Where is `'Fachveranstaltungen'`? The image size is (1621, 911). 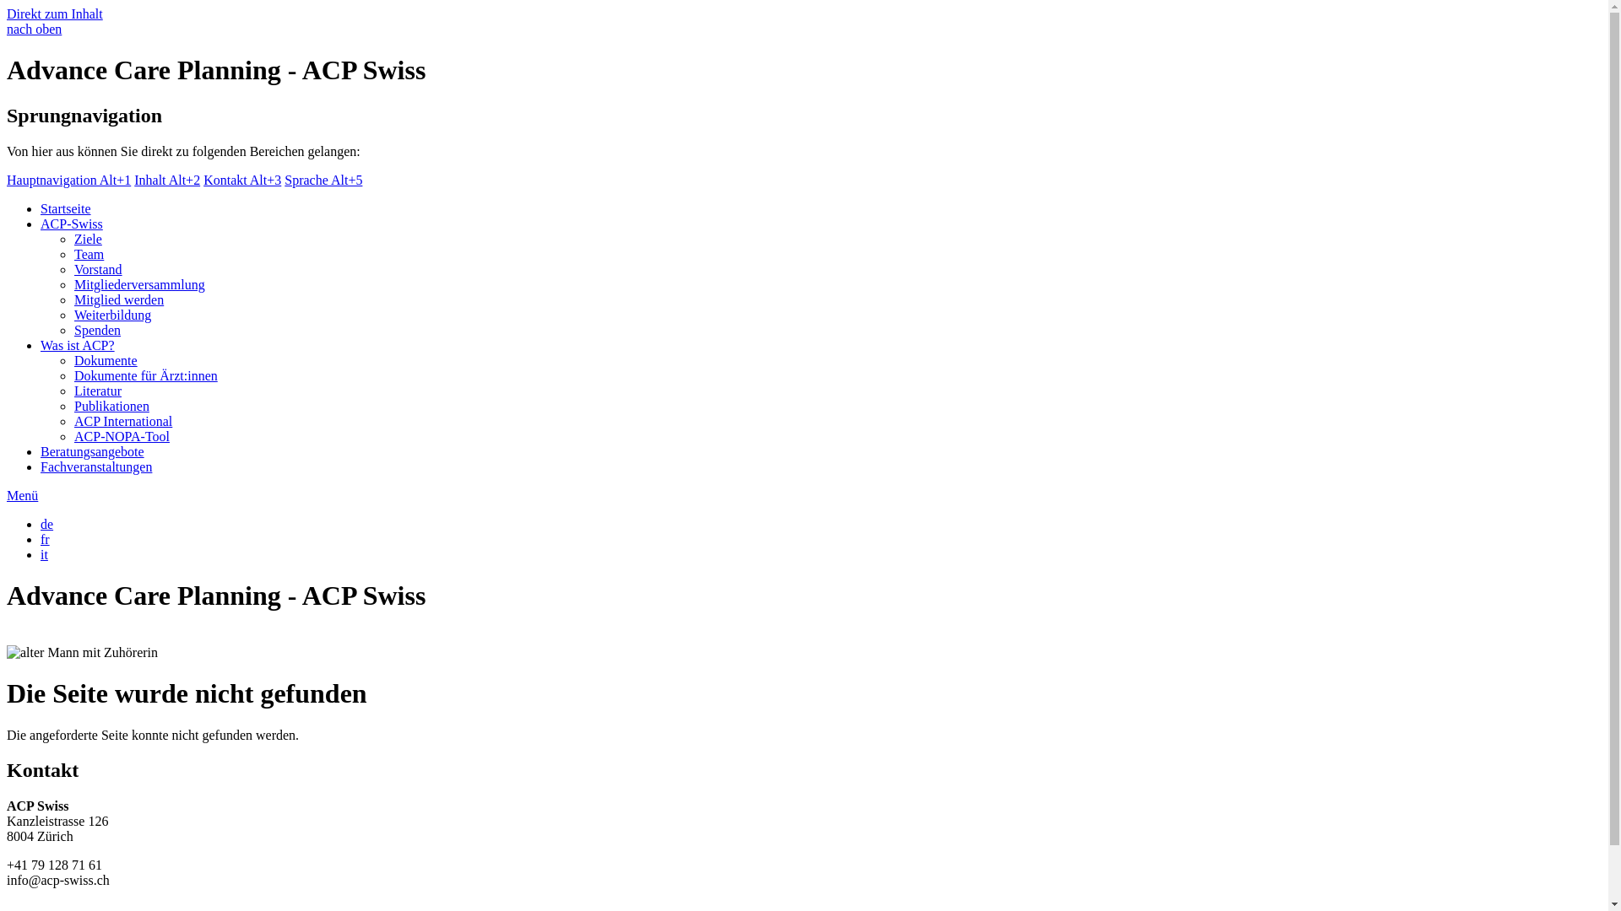 'Fachveranstaltungen' is located at coordinates (95, 466).